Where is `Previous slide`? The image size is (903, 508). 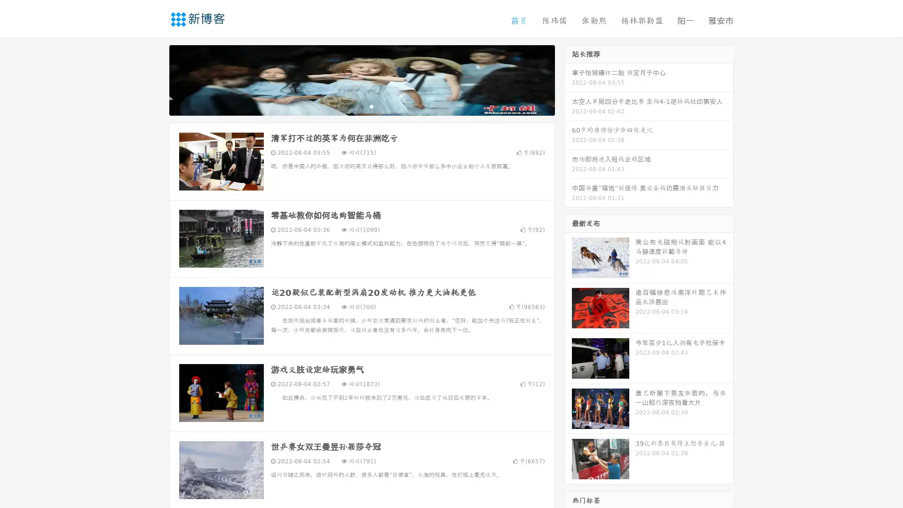 Previous slide is located at coordinates (155, 79).